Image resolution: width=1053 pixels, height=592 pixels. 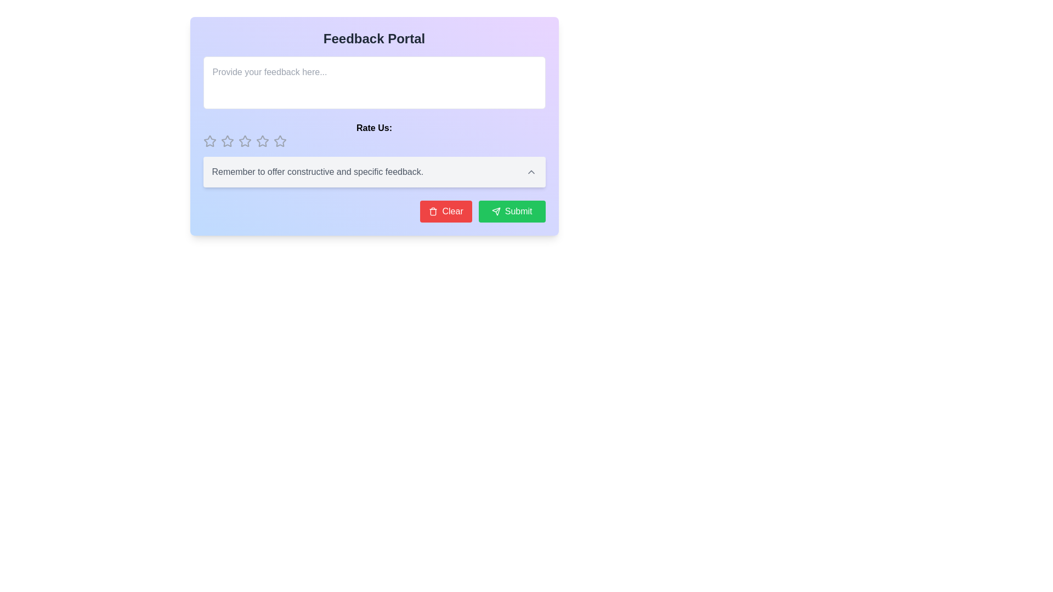 I want to click on the fourth star icon in the row of five stars used for rating, located below the 'Rate Us:' label, so click(x=244, y=141).